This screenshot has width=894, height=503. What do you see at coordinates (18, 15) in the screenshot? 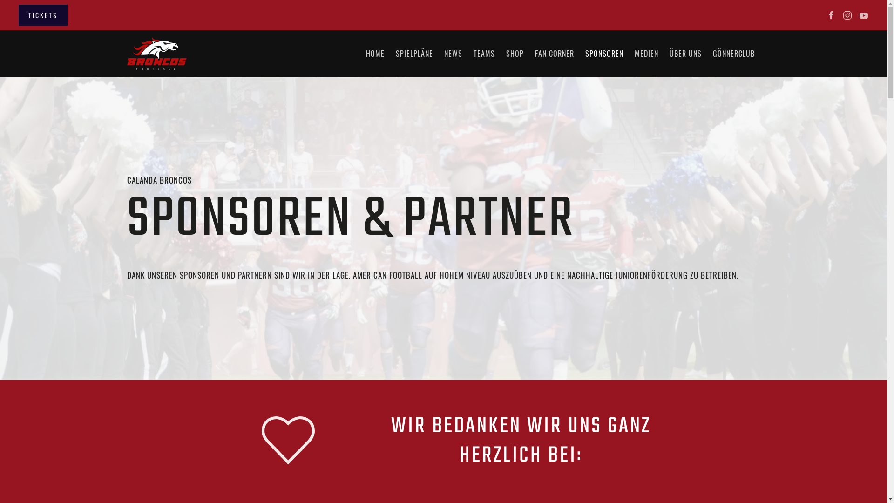
I see `'TICKETS'` at bounding box center [18, 15].